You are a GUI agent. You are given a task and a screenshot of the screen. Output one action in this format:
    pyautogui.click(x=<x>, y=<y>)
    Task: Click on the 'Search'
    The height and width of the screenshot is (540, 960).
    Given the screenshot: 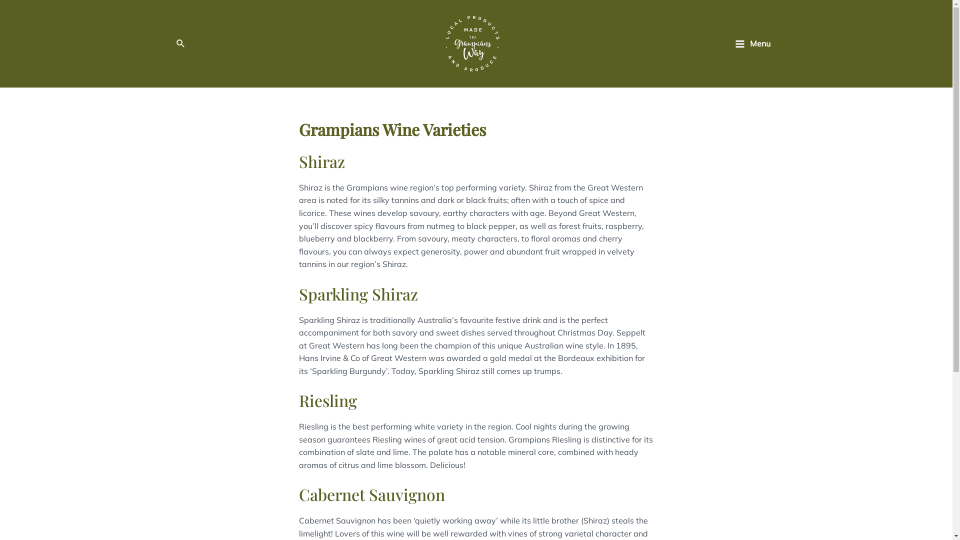 What is the action you would take?
    pyautogui.click(x=175, y=43)
    